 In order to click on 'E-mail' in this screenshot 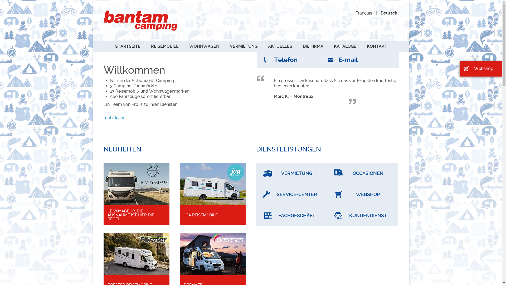, I will do `click(338, 60)`.